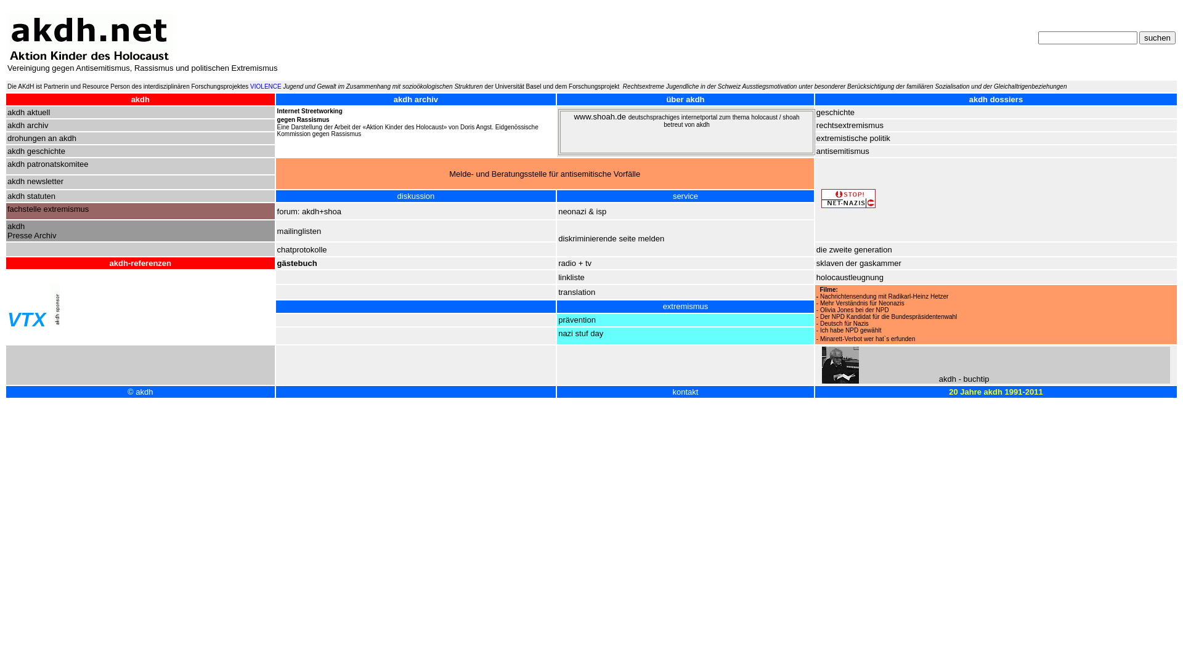 Image resolution: width=1183 pixels, height=665 pixels. I want to click on 'forum: akdh+shoa', so click(277, 211).